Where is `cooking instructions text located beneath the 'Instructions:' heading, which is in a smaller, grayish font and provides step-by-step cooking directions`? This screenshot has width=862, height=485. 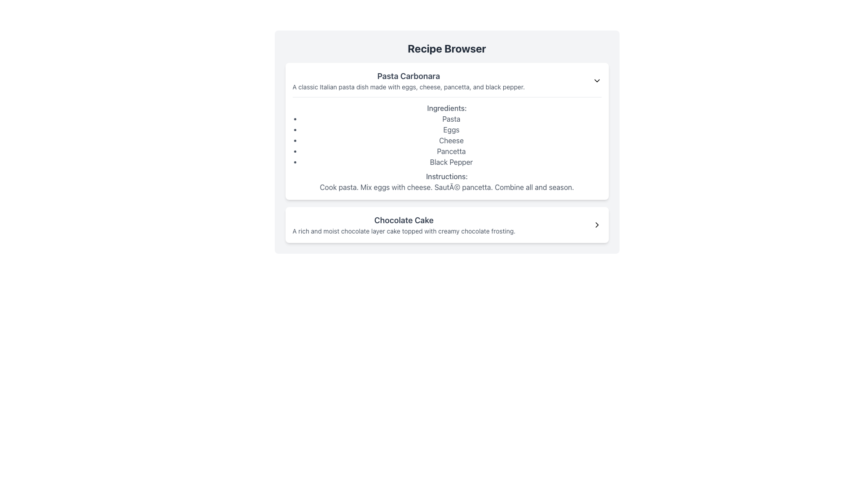
cooking instructions text located beneath the 'Instructions:' heading, which is in a smaller, grayish font and provides step-by-step cooking directions is located at coordinates (447, 186).